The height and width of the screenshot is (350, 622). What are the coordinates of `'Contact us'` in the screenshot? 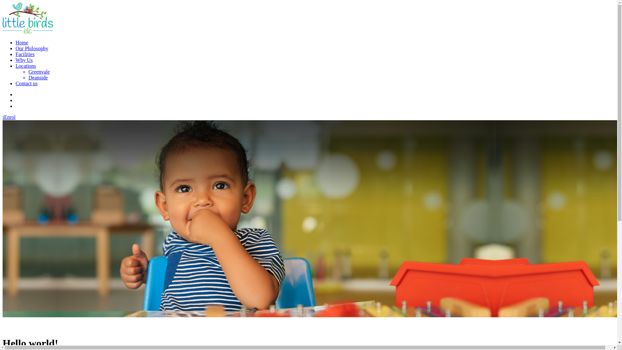 It's located at (16, 83).